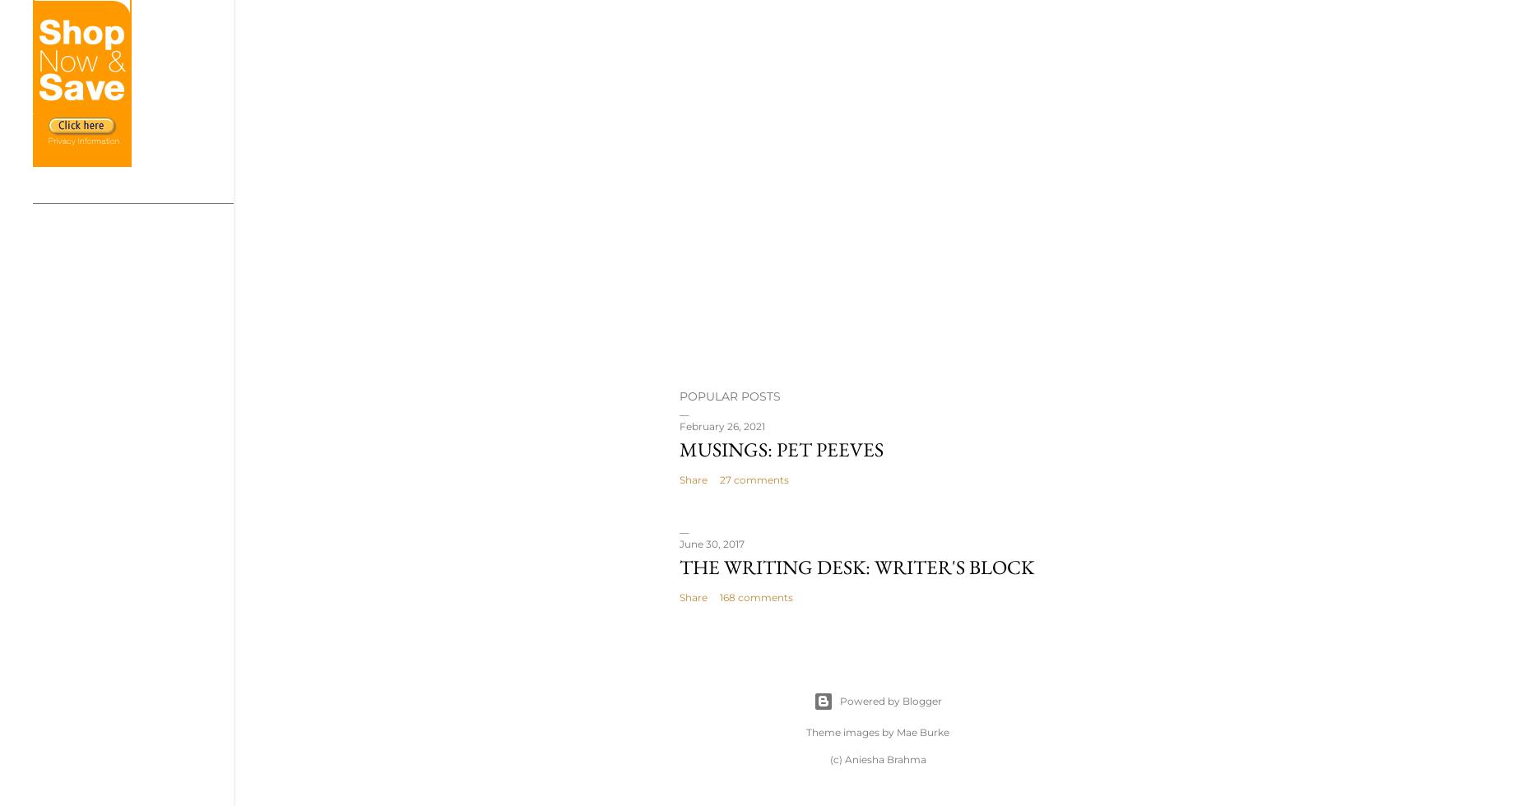 Image resolution: width=1522 pixels, height=806 pixels. I want to click on 'Popular Posts', so click(680, 396).